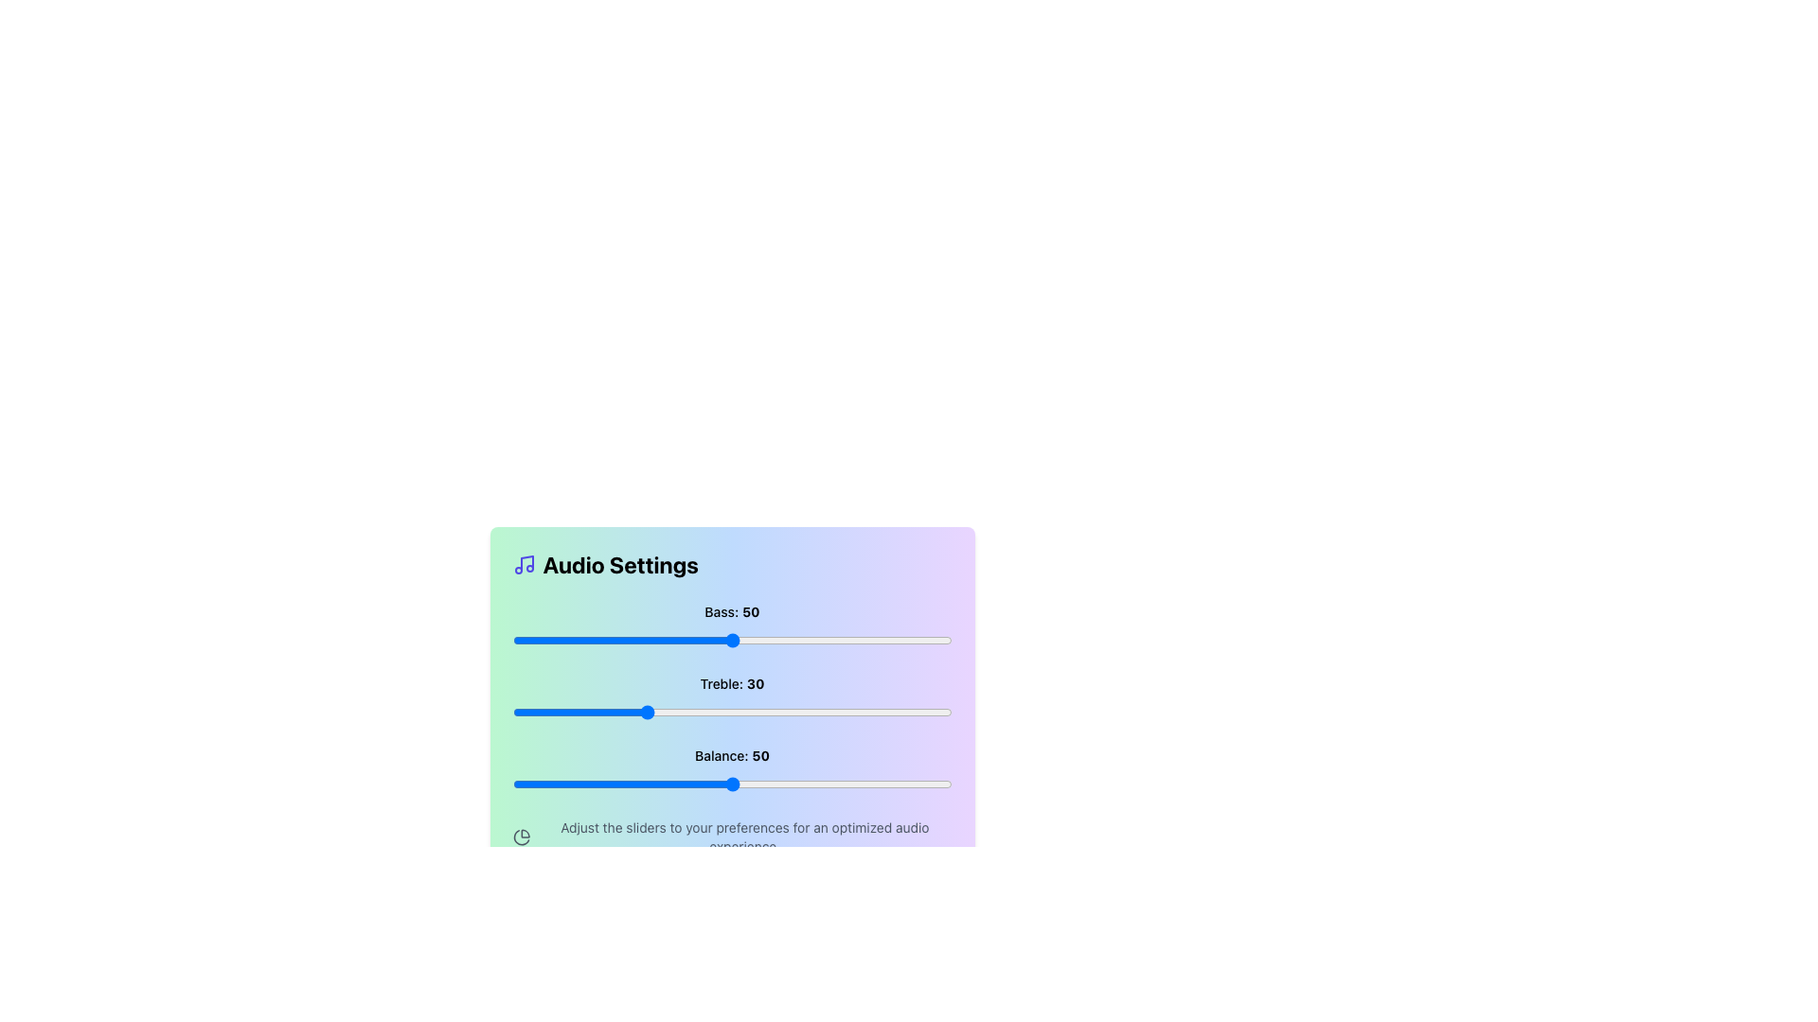  What do you see at coordinates (736, 784) in the screenshot?
I see `the balance` at bounding box center [736, 784].